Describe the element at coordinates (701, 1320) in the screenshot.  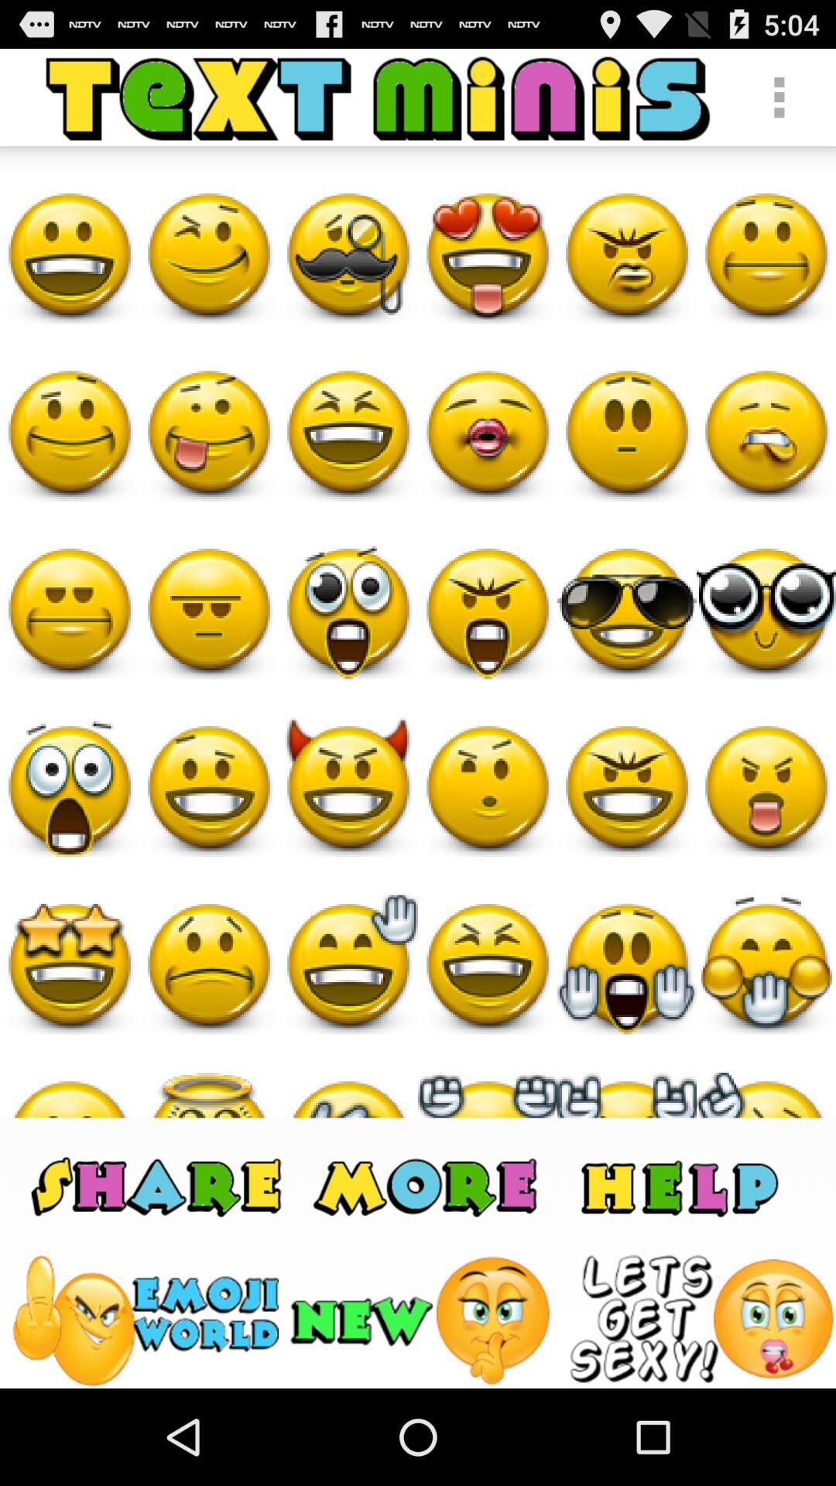
I see `emoji sexy` at that location.